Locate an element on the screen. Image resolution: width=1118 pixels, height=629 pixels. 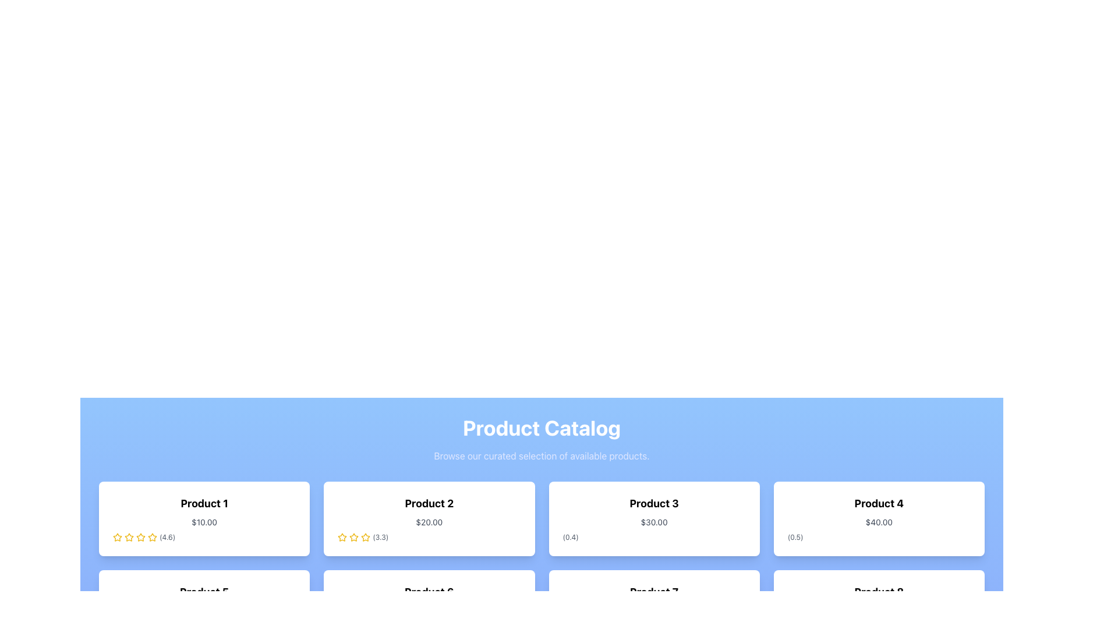
the card labeled 'Product 2', which is the second card in a grid of product cards is located at coordinates (429, 518).